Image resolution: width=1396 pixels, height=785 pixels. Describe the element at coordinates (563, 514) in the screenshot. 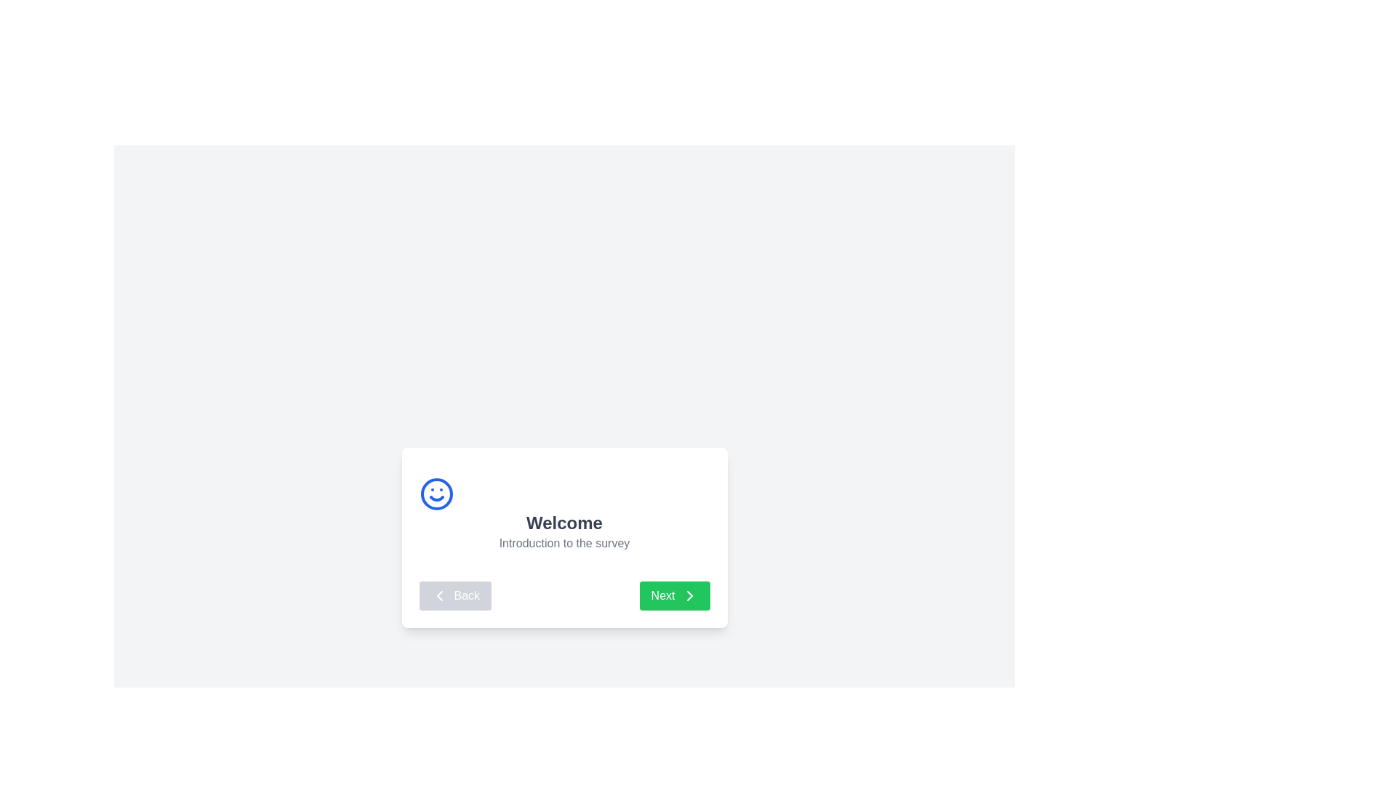

I see `the introductory information displayed in the welcoming header section of the survey interface` at that location.